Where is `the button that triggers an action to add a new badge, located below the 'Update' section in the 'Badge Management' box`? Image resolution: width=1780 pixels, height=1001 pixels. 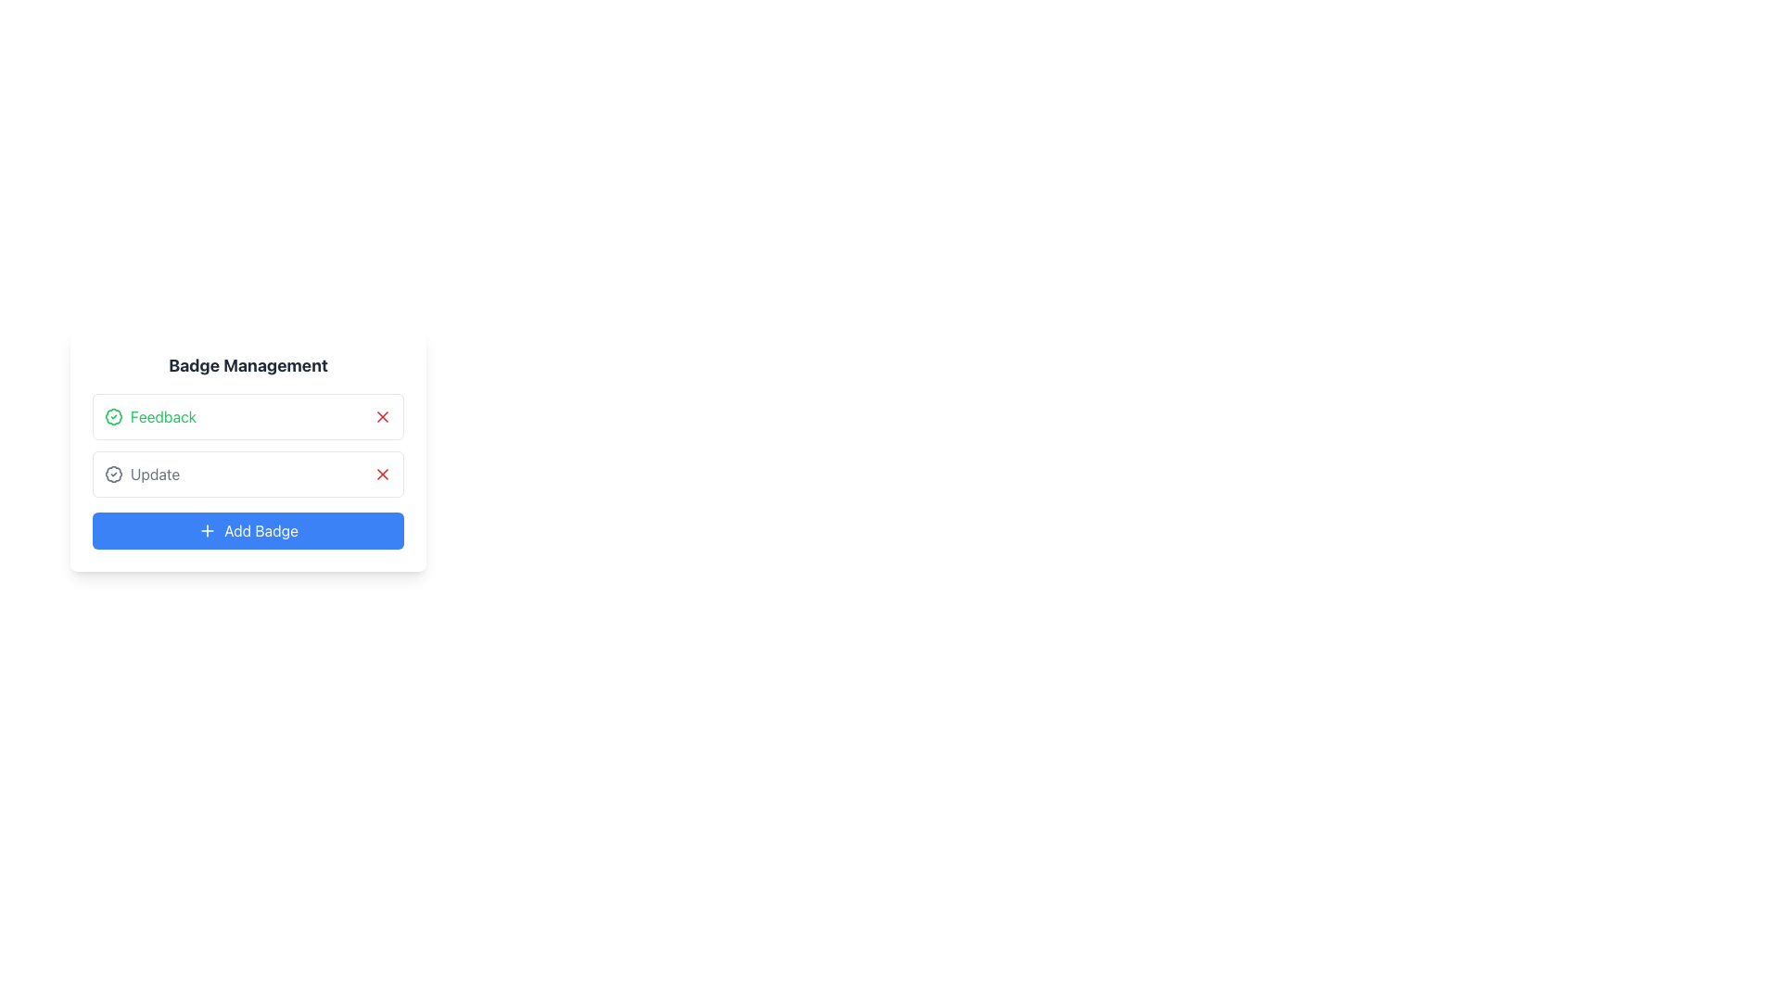
the button that triggers an action to add a new badge, located below the 'Update' section in the 'Badge Management' box is located at coordinates (248, 531).